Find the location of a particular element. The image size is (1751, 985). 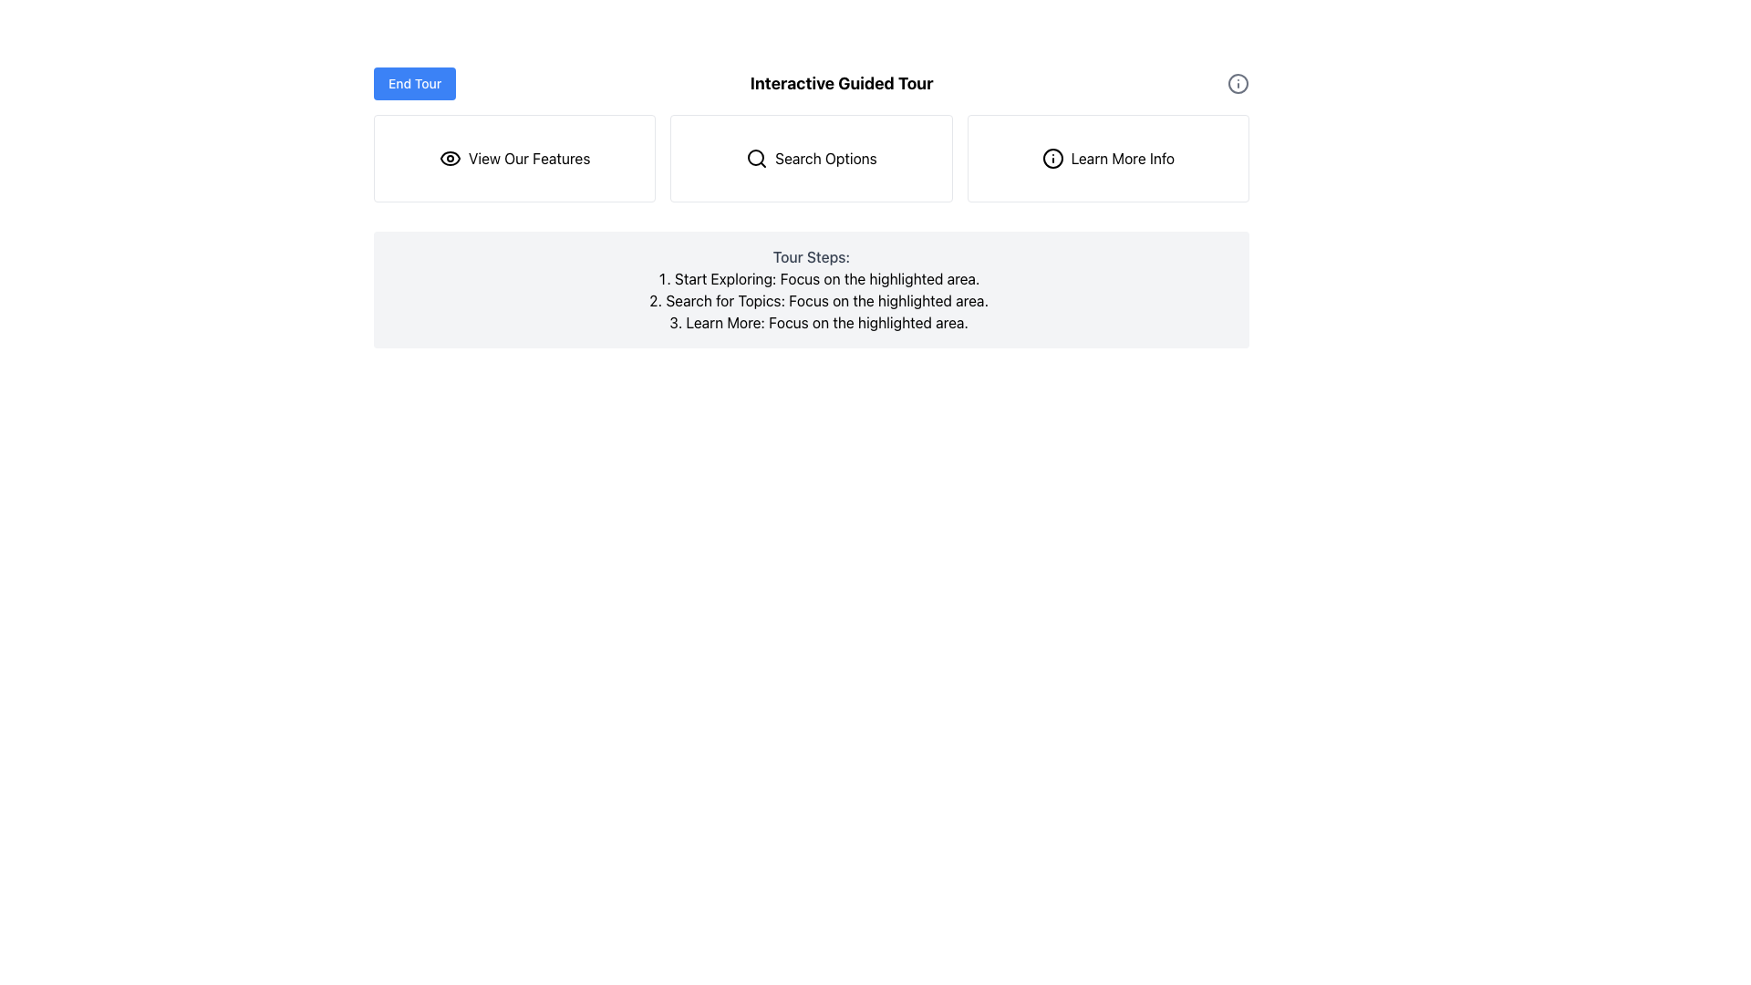

instructional text that is the second item in the numbered list, located centrally in the interface, instructing the user to search for topics is located at coordinates (817, 300).